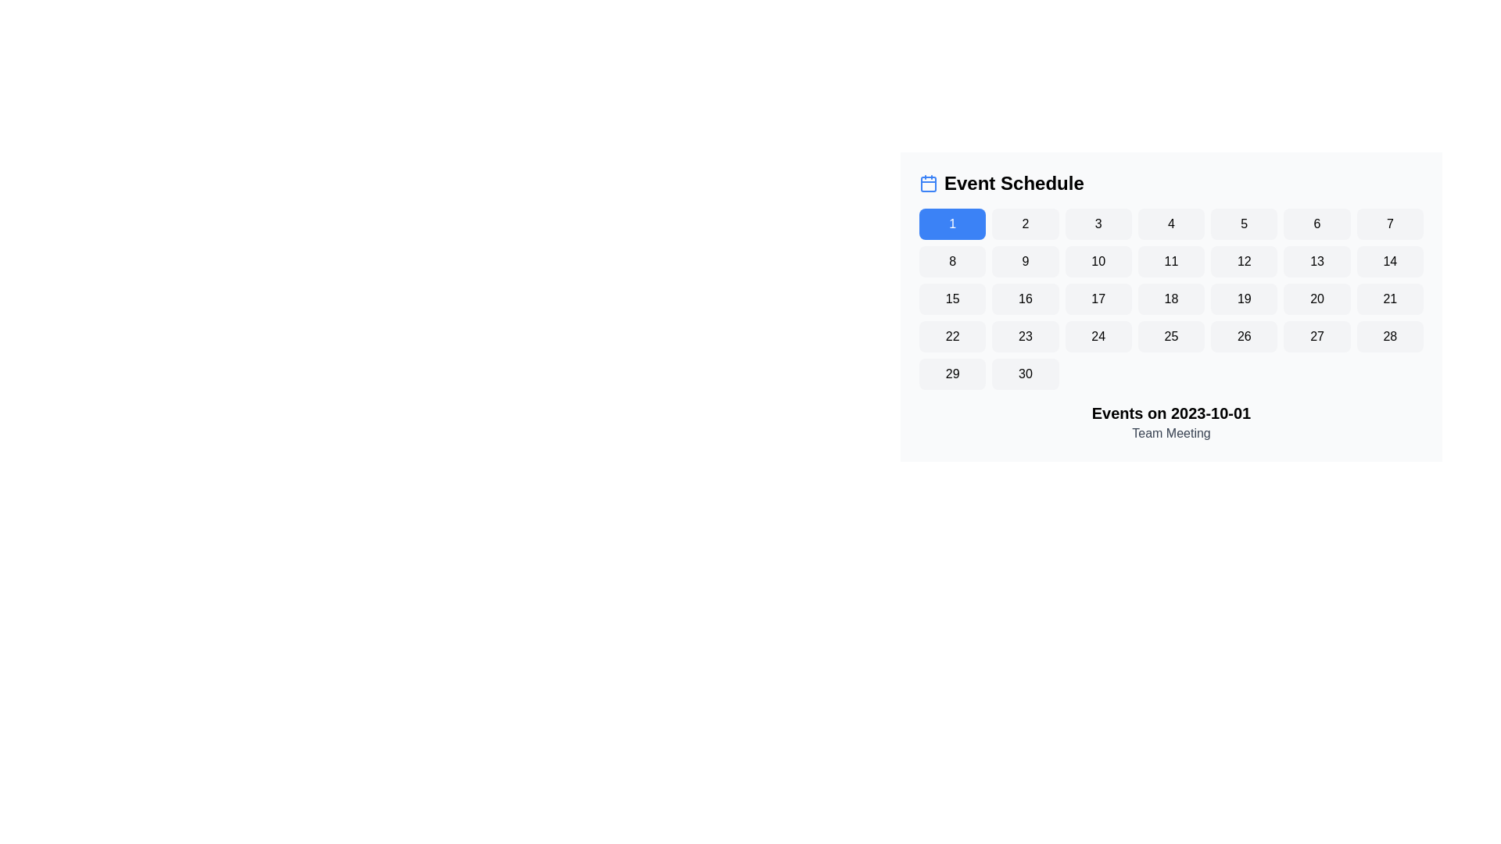 Image resolution: width=1501 pixels, height=844 pixels. Describe the element at coordinates (1390, 224) in the screenshot. I see `the button representing the 7th day in the calendar grid` at that location.